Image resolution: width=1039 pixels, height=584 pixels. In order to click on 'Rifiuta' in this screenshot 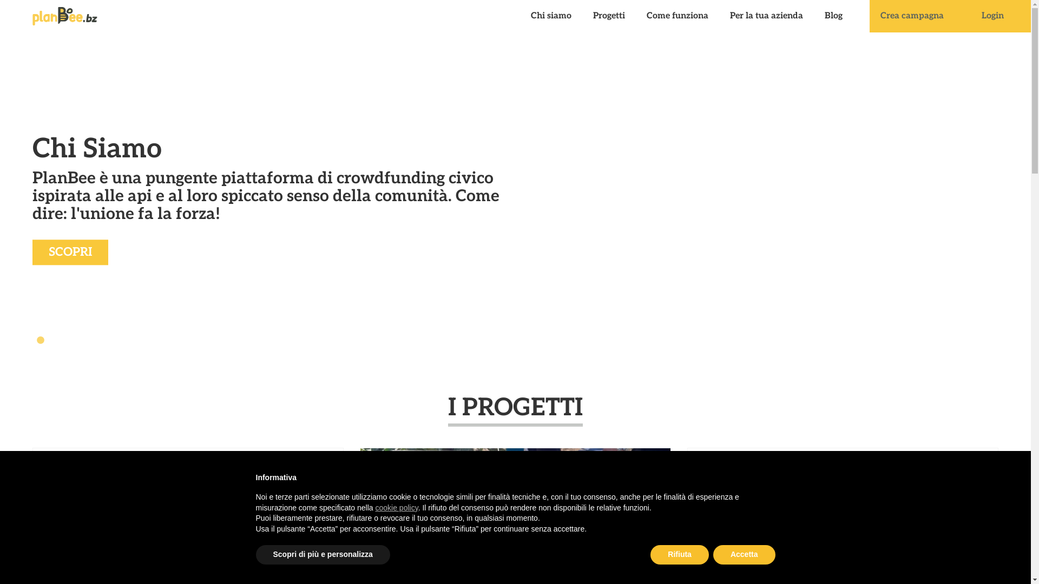, I will do `click(679, 555)`.